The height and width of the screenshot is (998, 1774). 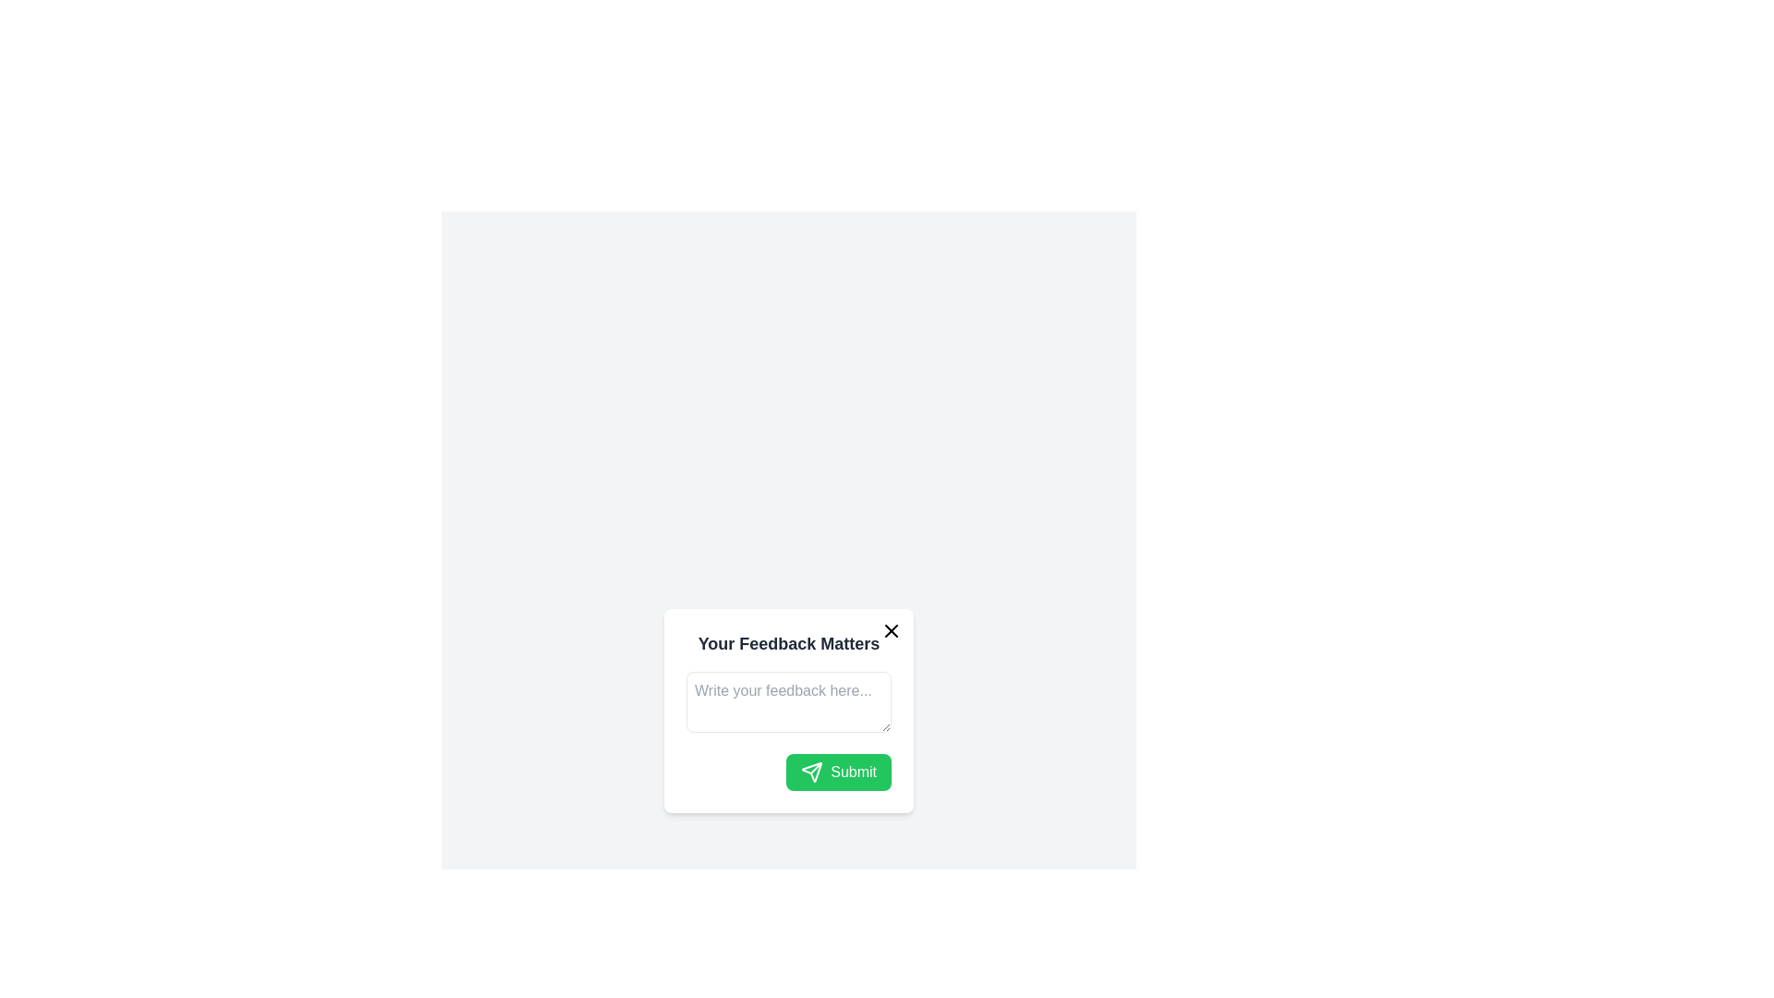 I want to click on the close button located at the top-right corner of the feedback form, so click(x=891, y=629).